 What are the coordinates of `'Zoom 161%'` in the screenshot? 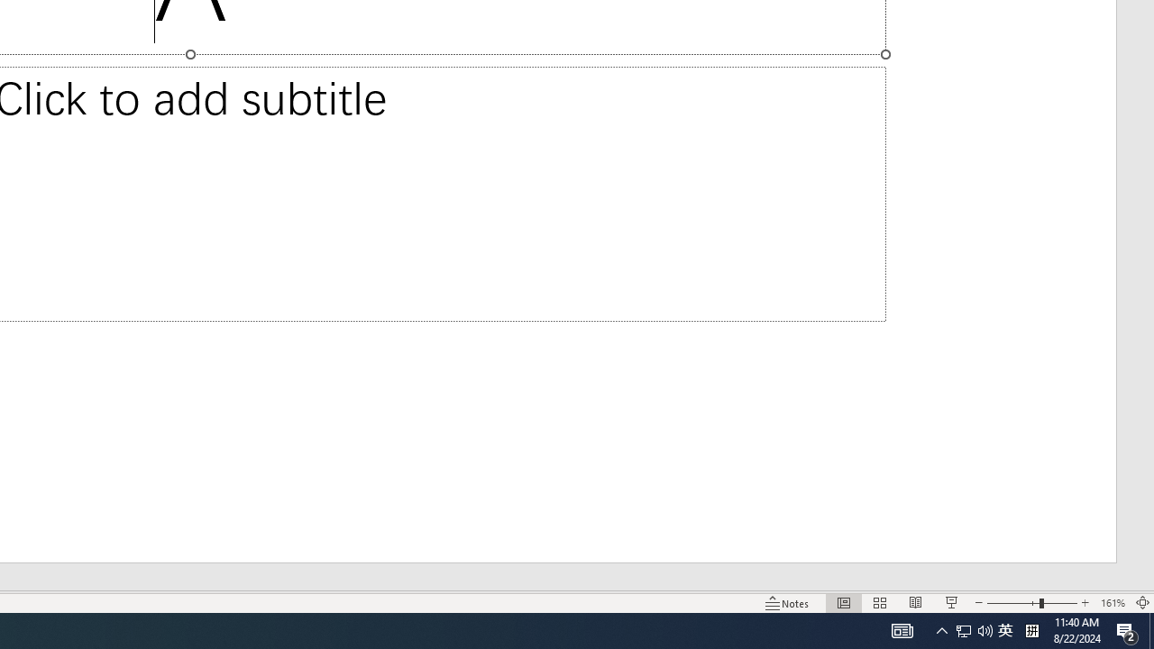 It's located at (1112, 603).